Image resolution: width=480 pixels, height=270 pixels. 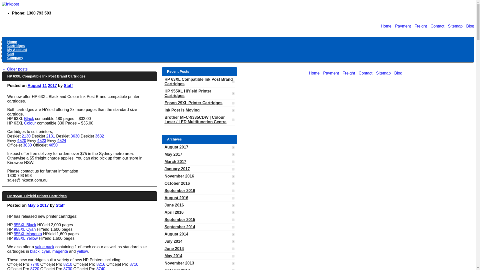 What do you see at coordinates (26, 136) in the screenshot?
I see `'2130'` at bounding box center [26, 136].